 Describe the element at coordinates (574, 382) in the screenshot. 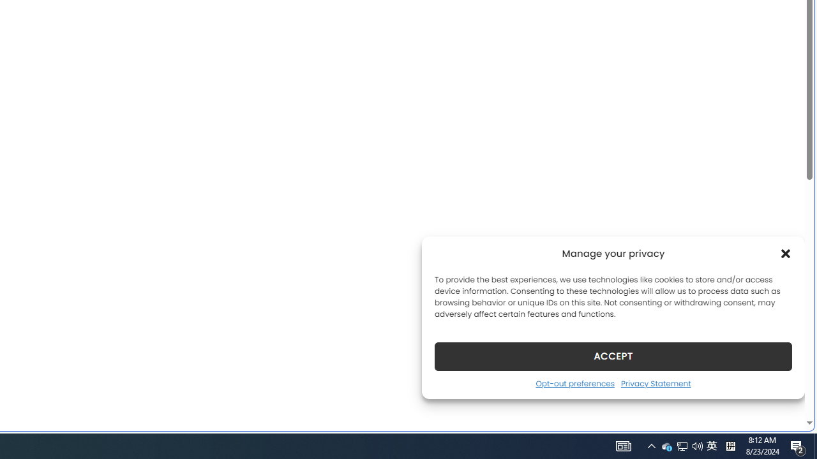

I see `'Opt-out preferences'` at that location.